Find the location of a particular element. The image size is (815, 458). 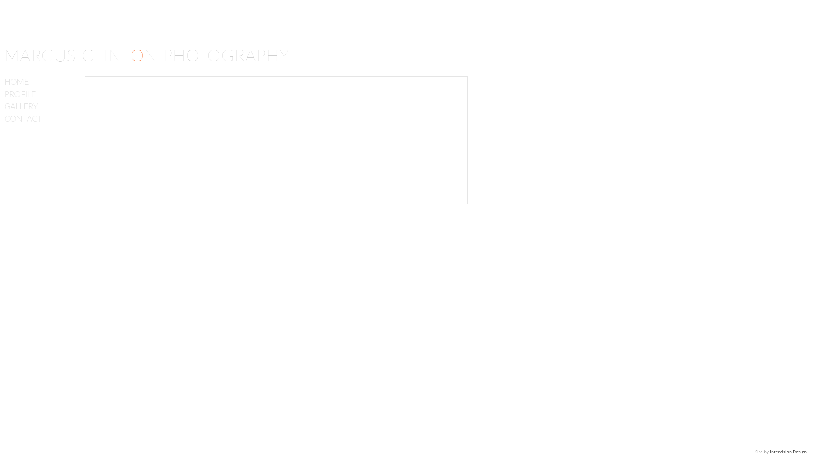

'HOME' is located at coordinates (42, 81).